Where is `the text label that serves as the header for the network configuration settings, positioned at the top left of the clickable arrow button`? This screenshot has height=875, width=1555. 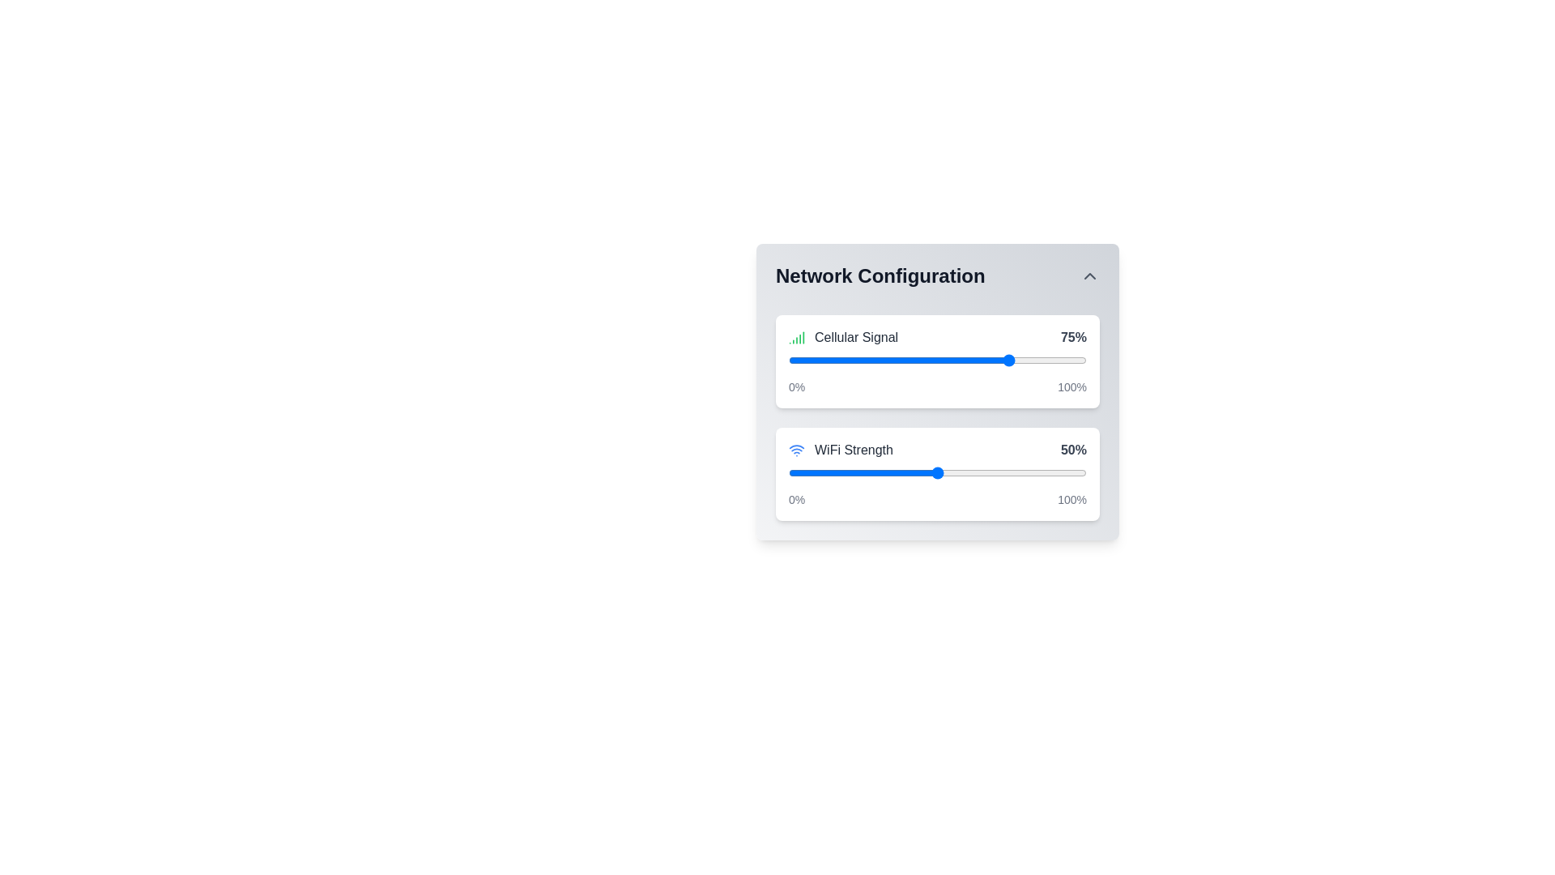 the text label that serves as the header for the network configuration settings, positioned at the top left of the clickable arrow button is located at coordinates (880, 275).